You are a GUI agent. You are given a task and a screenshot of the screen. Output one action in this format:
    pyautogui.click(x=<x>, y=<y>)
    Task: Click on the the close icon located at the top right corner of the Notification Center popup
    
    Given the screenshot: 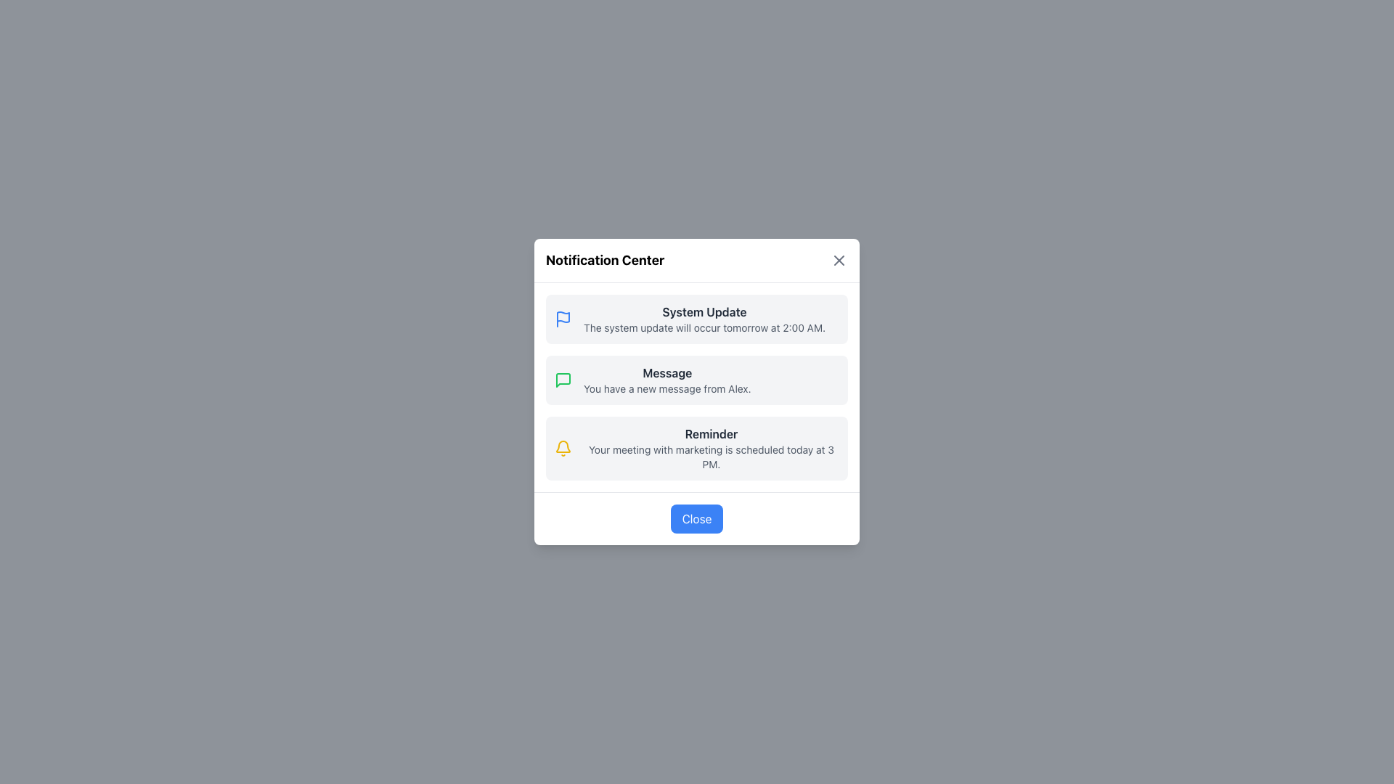 What is the action you would take?
    pyautogui.click(x=839, y=259)
    